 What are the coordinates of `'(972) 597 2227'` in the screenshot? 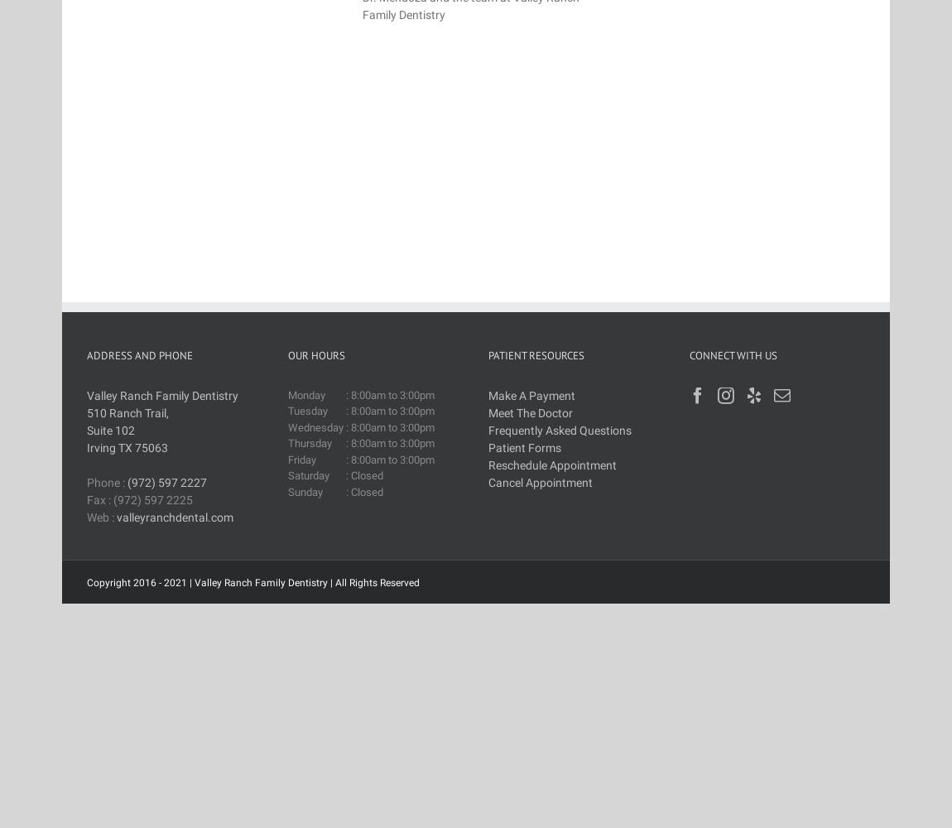 It's located at (166, 481).